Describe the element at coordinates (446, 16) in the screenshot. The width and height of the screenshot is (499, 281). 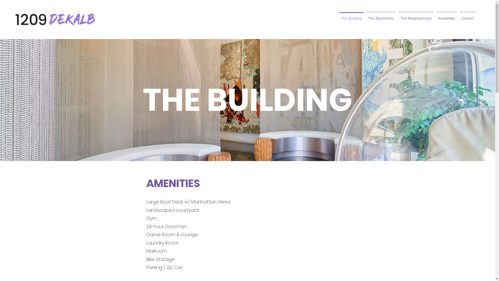
I see `'Availability'` at that location.